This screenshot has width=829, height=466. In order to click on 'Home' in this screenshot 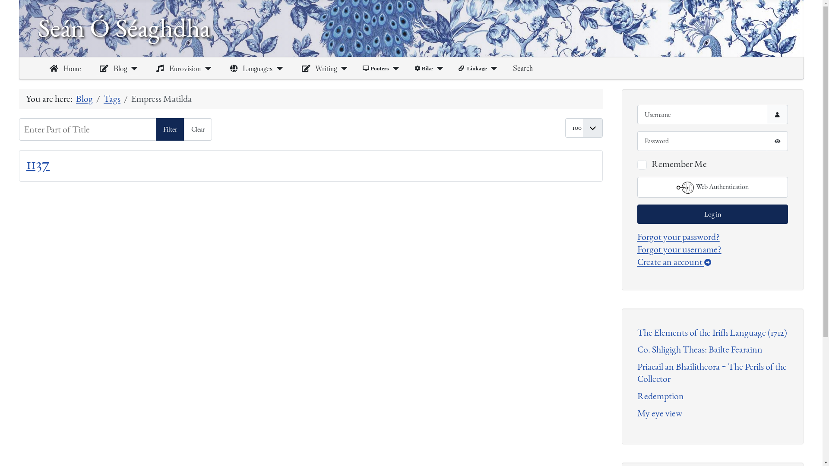, I will do `click(63, 68)`.